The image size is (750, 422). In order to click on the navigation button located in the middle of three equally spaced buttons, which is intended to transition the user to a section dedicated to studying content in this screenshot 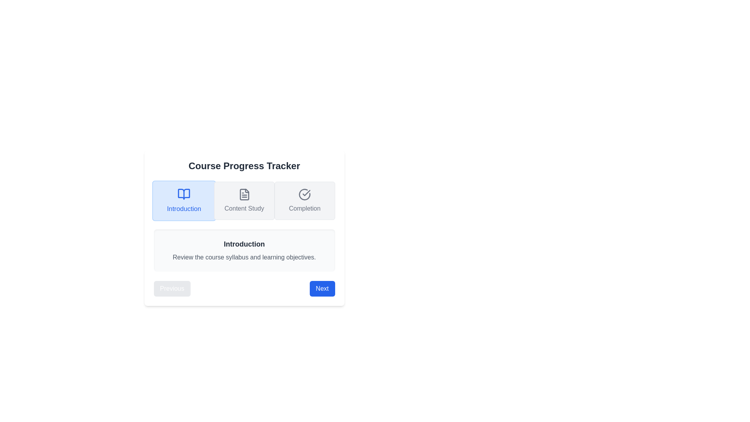, I will do `click(244, 200)`.